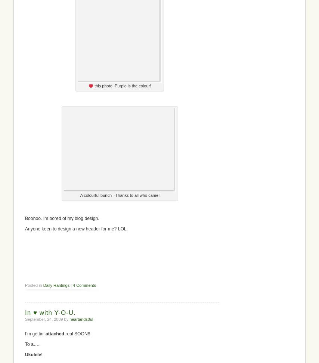 The width and height of the screenshot is (319, 363). I want to click on 'Daily Rantings', so click(56, 285).